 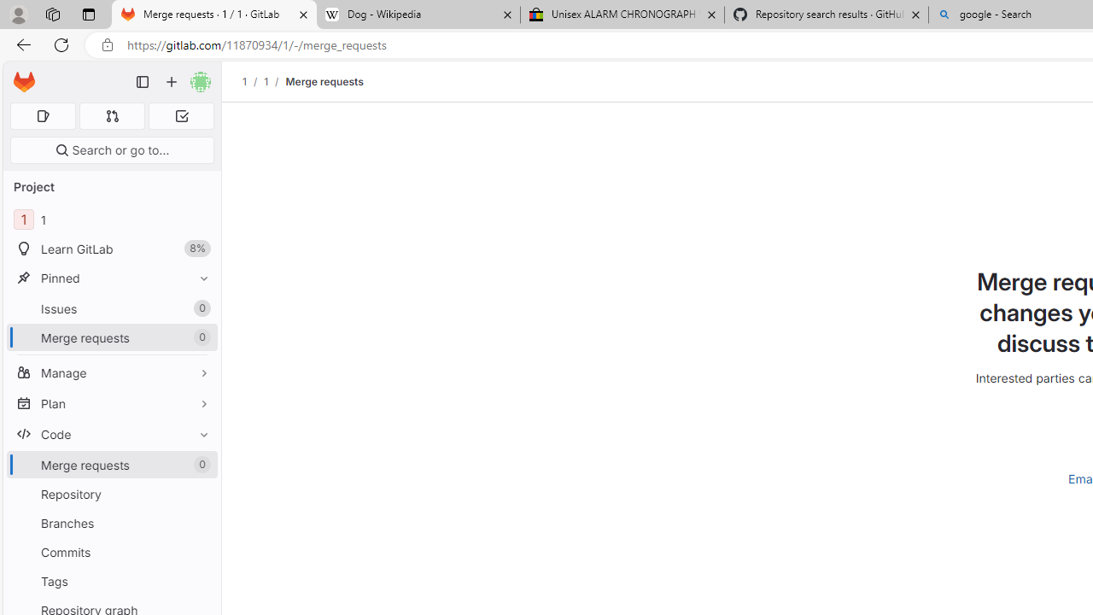 I want to click on '1', so click(x=265, y=81).